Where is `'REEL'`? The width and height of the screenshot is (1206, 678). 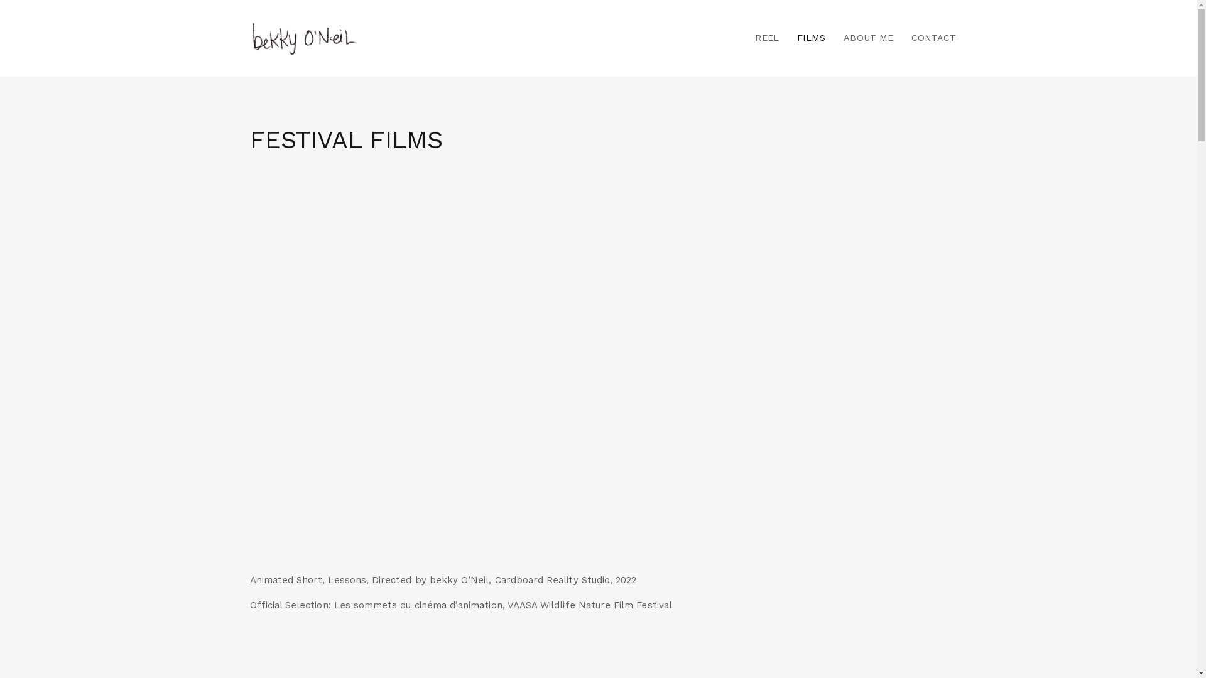 'REEL' is located at coordinates (766, 38).